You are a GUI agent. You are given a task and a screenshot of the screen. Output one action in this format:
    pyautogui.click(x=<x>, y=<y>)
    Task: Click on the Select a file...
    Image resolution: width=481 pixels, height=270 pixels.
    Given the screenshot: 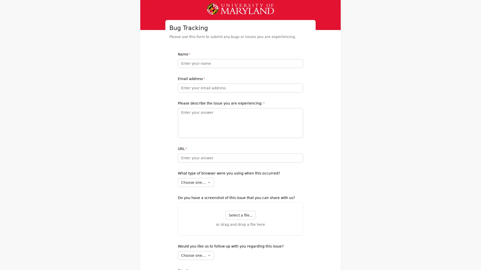 What is the action you would take?
    pyautogui.click(x=240, y=215)
    